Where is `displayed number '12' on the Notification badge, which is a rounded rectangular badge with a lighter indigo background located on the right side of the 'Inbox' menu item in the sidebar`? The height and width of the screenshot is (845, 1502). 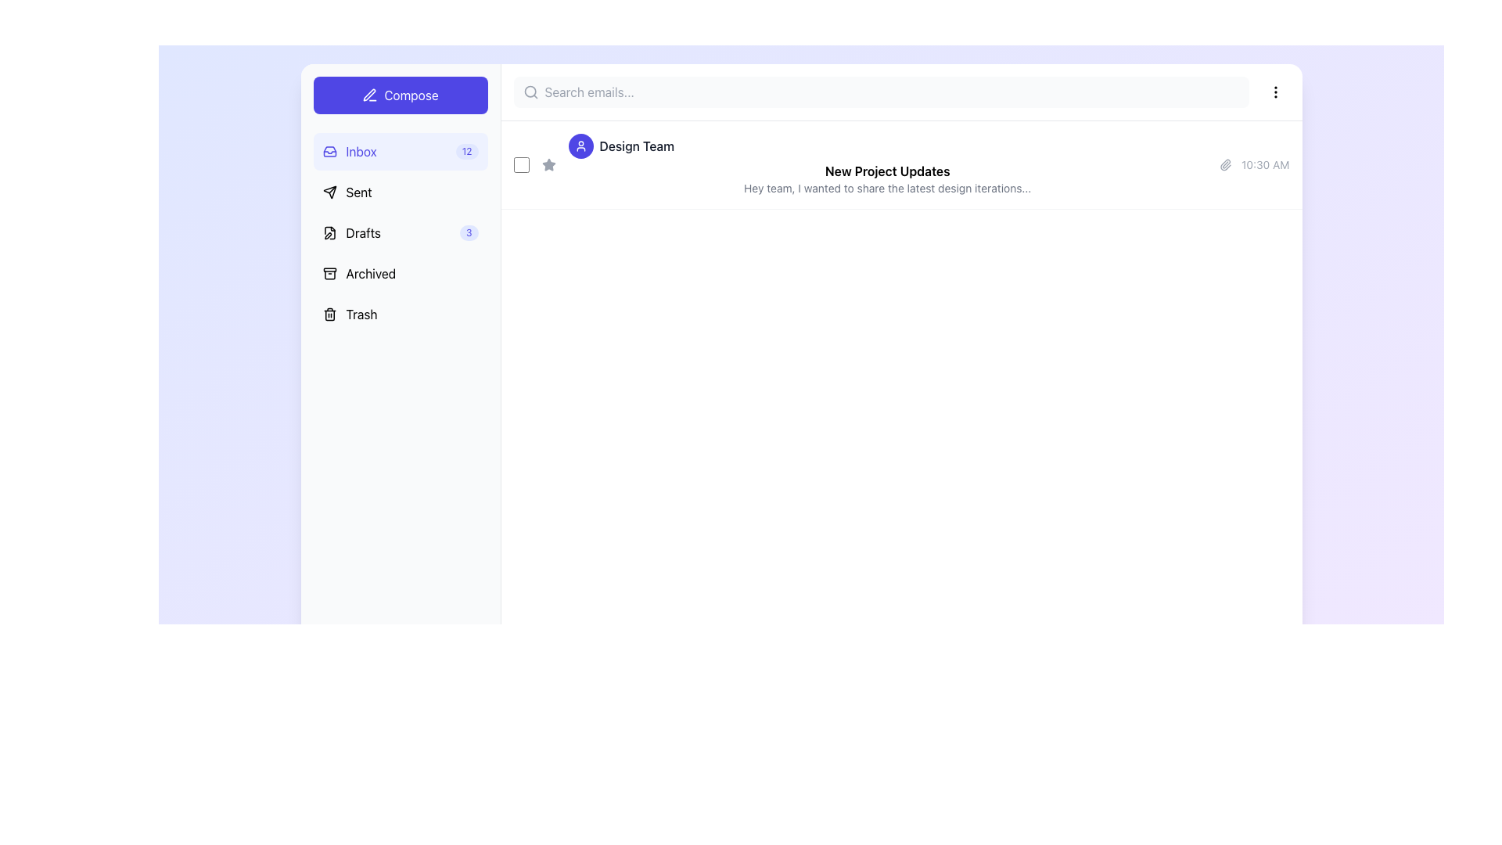
displayed number '12' on the Notification badge, which is a rounded rectangular badge with a lighter indigo background located on the right side of the 'Inbox' menu item in the sidebar is located at coordinates (466, 151).